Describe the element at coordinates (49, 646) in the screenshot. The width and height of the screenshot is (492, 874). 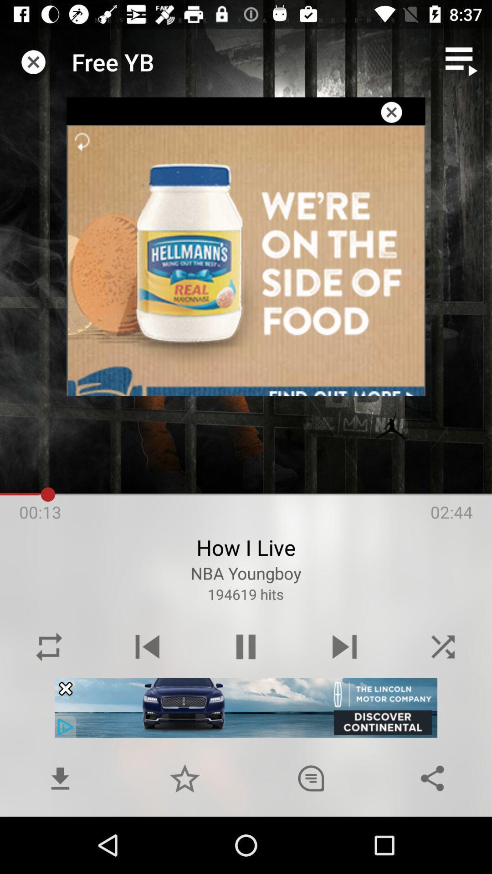
I see `replay button` at that location.